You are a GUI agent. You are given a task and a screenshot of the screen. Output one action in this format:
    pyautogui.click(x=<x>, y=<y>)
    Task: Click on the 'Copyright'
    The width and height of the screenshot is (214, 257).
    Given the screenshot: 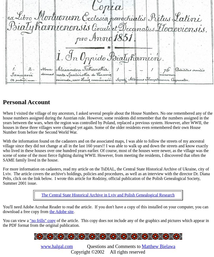 What is the action you would take?
    pyautogui.click(x=81, y=251)
    